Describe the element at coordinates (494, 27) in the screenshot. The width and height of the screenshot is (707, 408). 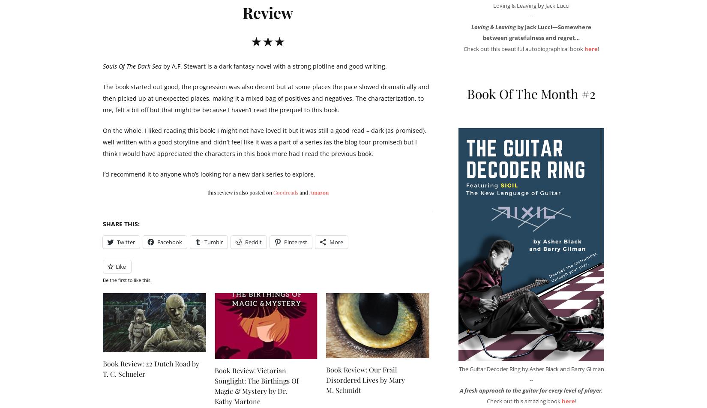
I see `'Loving & Leaving'` at that location.